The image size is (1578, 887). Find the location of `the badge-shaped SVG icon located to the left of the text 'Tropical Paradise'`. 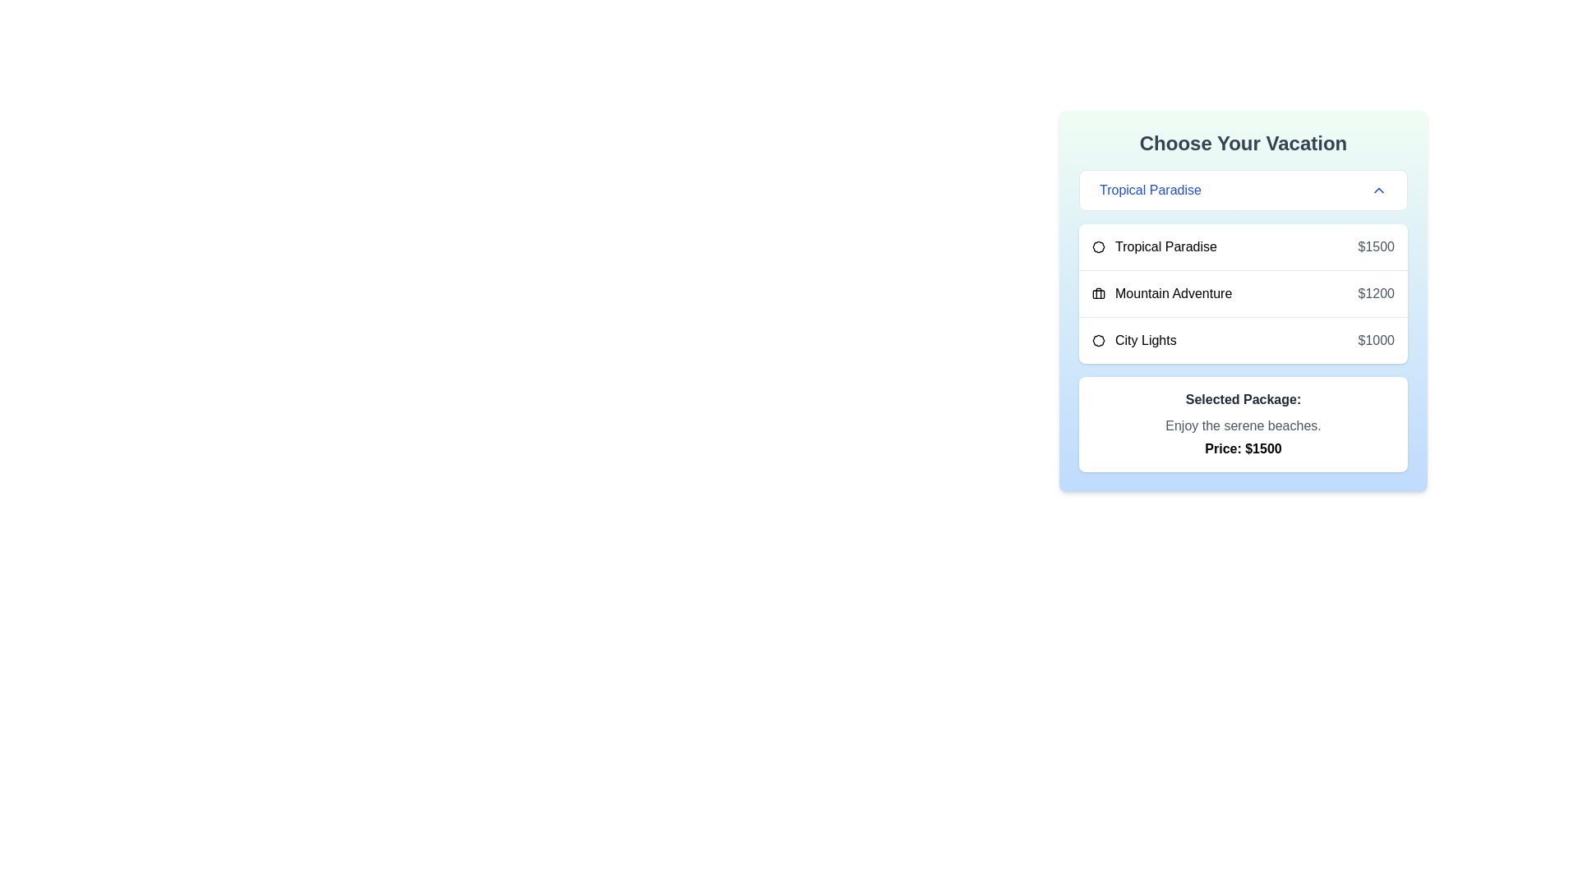

the badge-shaped SVG icon located to the left of the text 'Tropical Paradise' is located at coordinates (1099, 246).